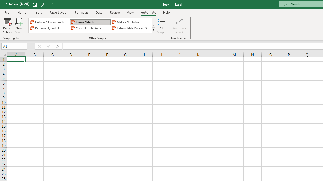  I want to click on 'Office Scripts', so click(153, 30).